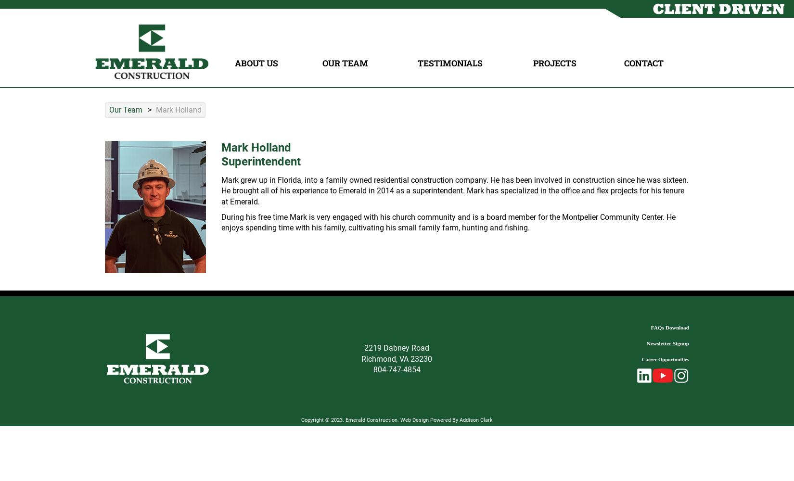 Image resolution: width=794 pixels, height=481 pixels. Describe the element at coordinates (555, 63) in the screenshot. I see `'Projects'` at that location.